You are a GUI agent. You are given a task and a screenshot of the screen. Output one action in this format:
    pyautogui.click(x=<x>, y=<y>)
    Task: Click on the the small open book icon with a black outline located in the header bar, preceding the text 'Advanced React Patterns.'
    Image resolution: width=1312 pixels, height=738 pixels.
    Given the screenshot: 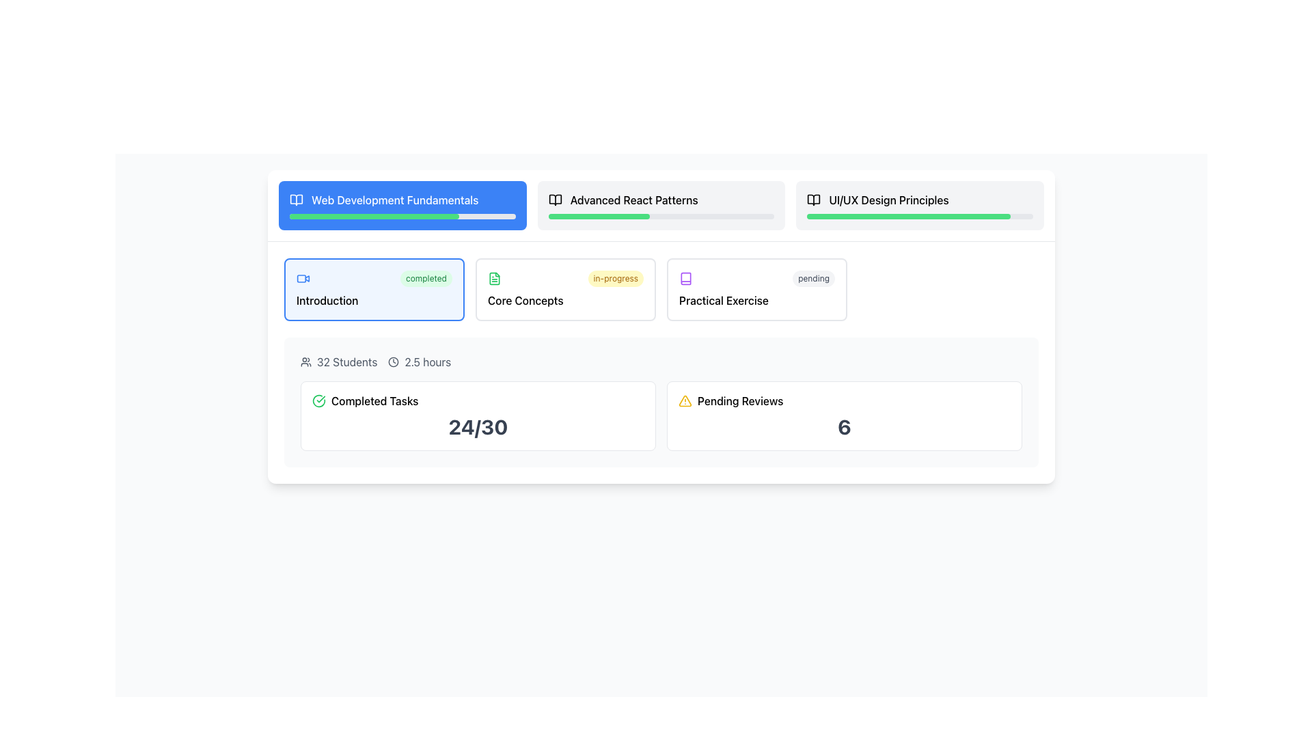 What is the action you would take?
    pyautogui.click(x=555, y=200)
    